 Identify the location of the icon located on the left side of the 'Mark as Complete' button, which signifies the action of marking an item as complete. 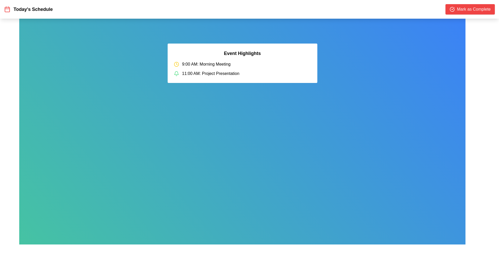
(452, 9).